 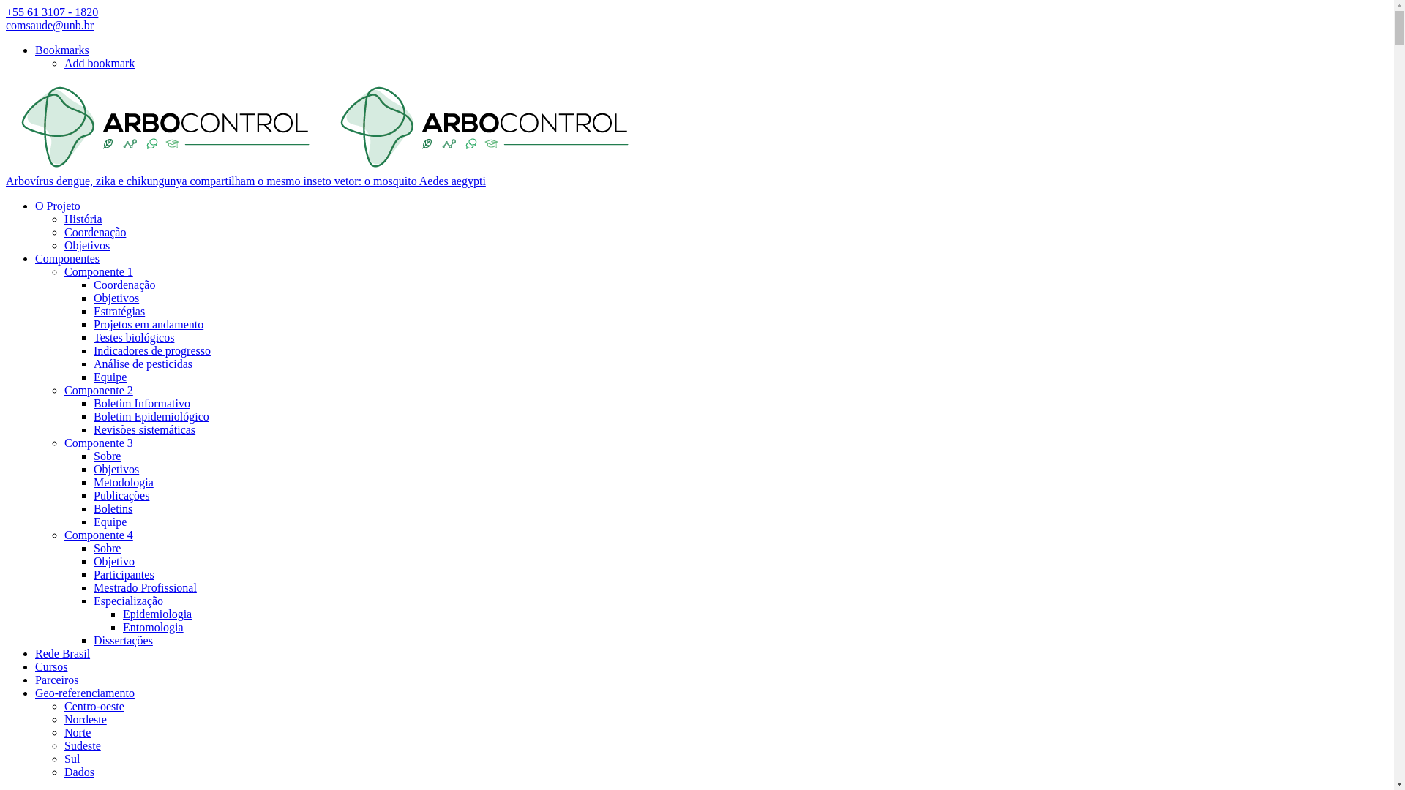 What do you see at coordinates (66, 257) in the screenshot?
I see `'Componentes'` at bounding box center [66, 257].